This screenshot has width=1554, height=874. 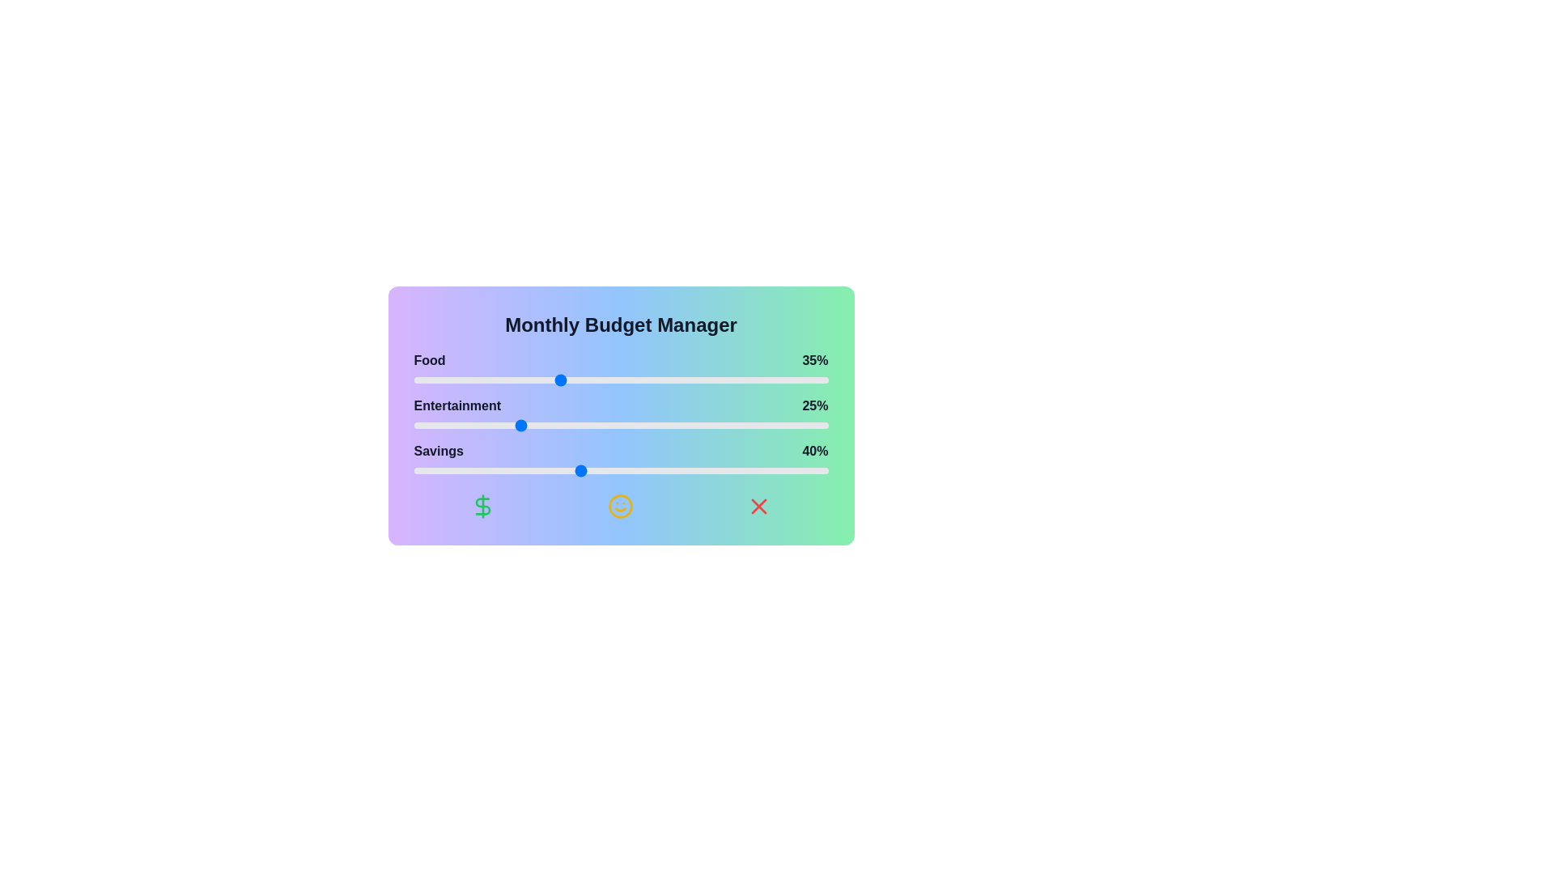 I want to click on the yellow smile icon to trigger the associated action, so click(x=620, y=505).